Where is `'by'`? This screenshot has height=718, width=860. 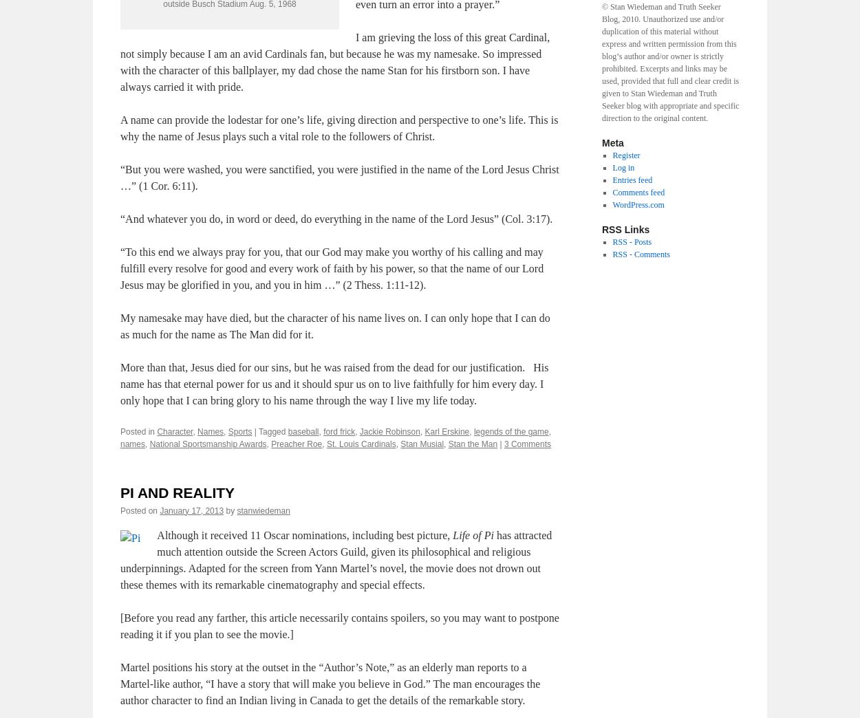 'by' is located at coordinates (229, 510).